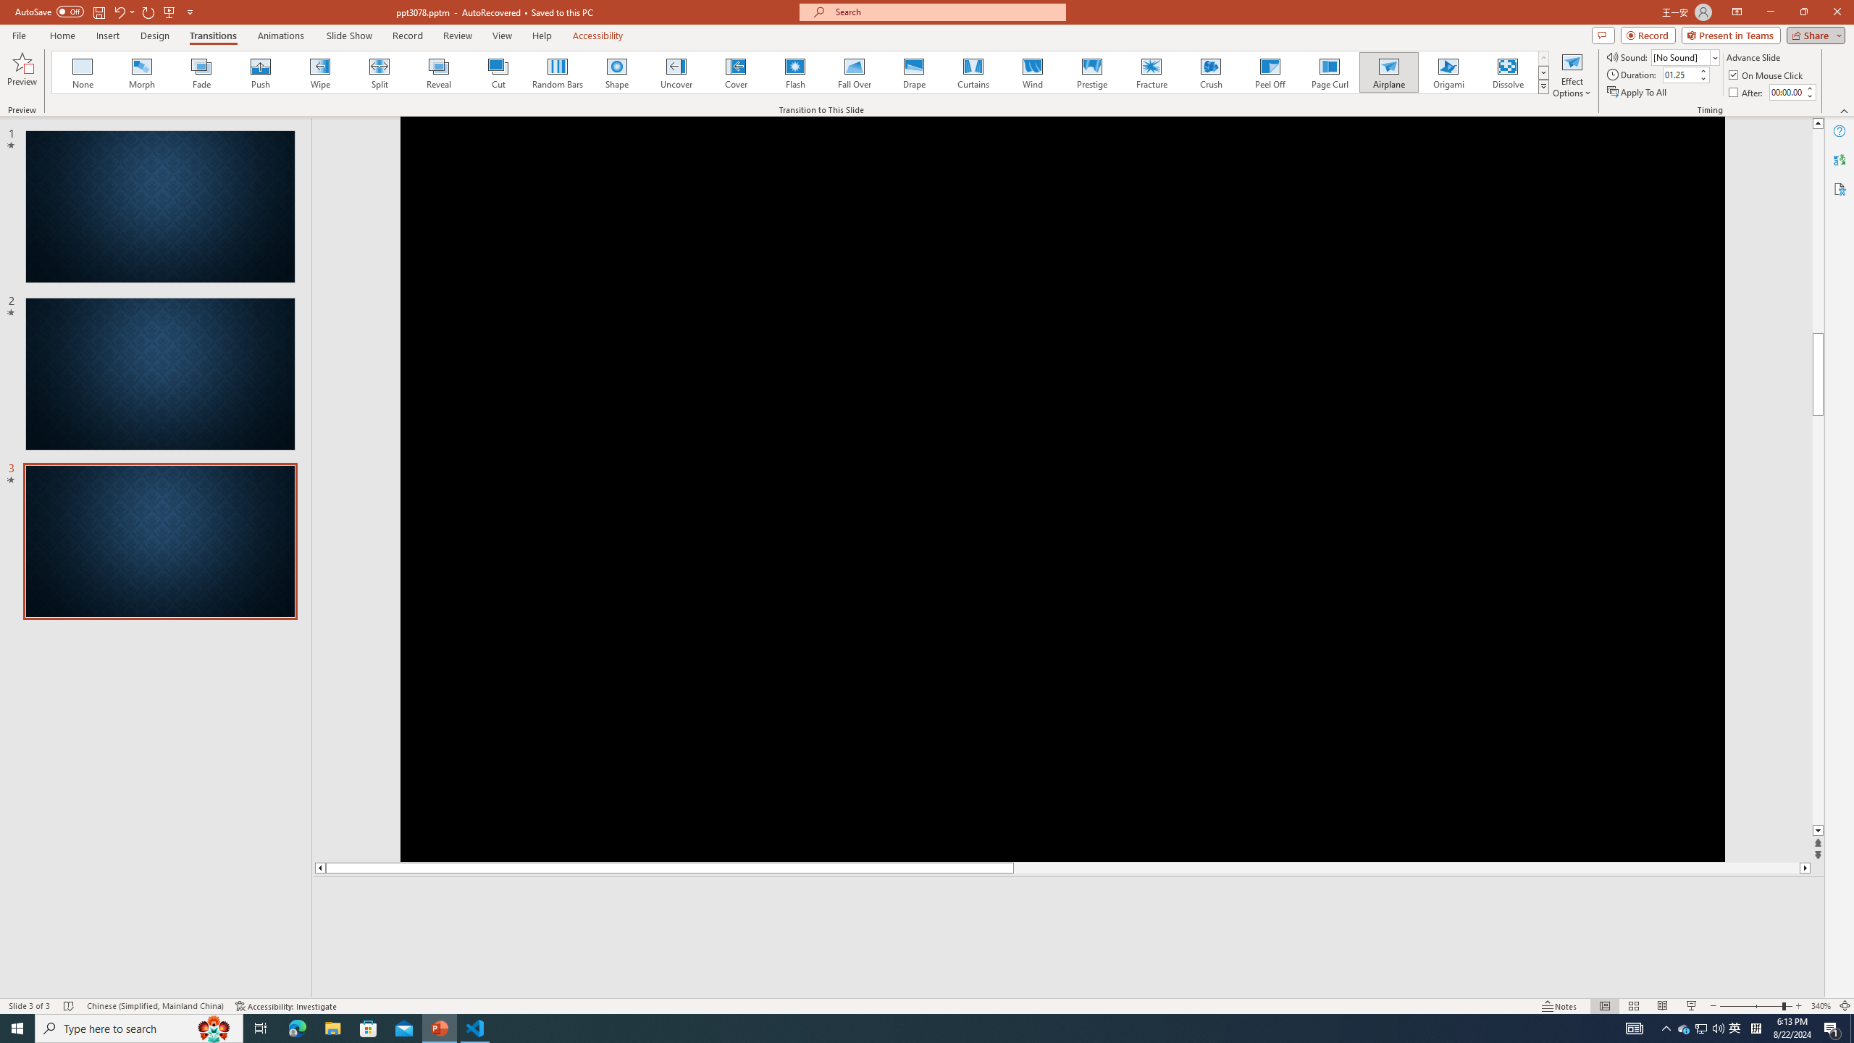 The height and width of the screenshot is (1043, 1854). What do you see at coordinates (735, 72) in the screenshot?
I see `'Cover'` at bounding box center [735, 72].